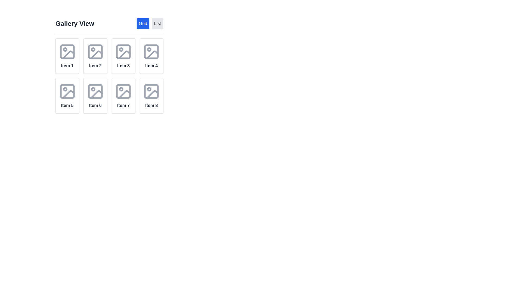 This screenshot has height=294, width=522. I want to click on the small rectangle in the lower right corner of the 'Item 7' image icon, which has slightly rounded corners and is part of a gallery item representation, so click(123, 91).